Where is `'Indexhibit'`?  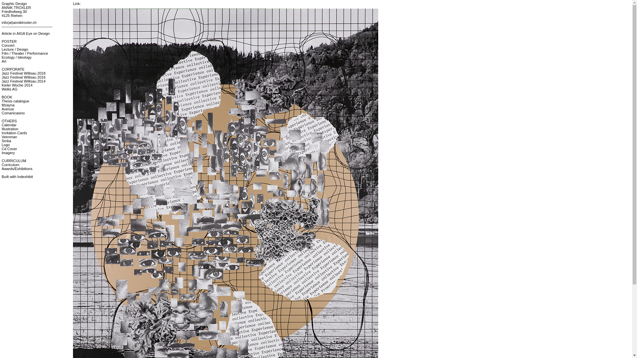 'Indexhibit' is located at coordinates (25, 176).